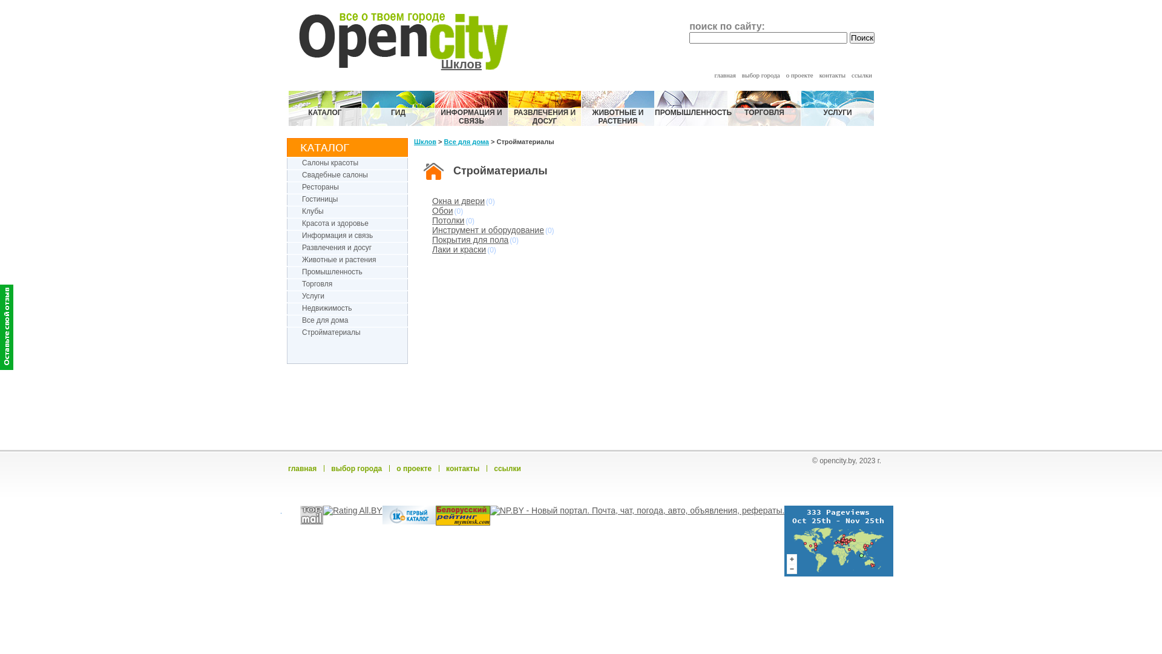 Image resolution: width=1162 pixels, height=654 pixels. I want to click on 'LiveInternet', so click(281, 515).